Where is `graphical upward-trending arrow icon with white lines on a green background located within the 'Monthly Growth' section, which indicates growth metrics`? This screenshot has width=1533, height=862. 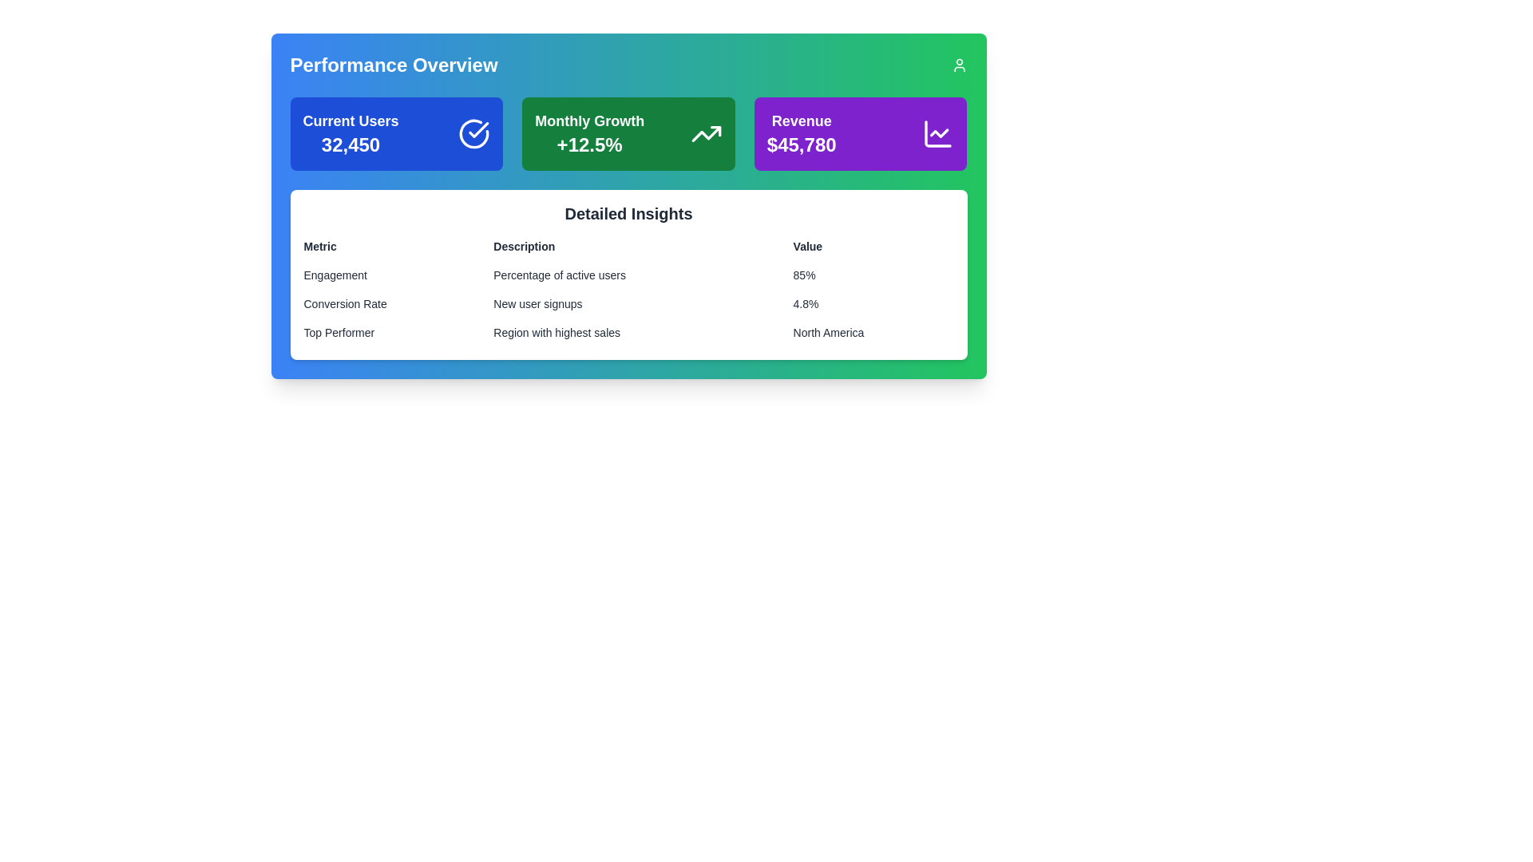 graphical upward-trending arrow icon with white lines on a green background located within the 'Monthly Growth' section, which indicates growth metrics is located at coordinates (705, 133).